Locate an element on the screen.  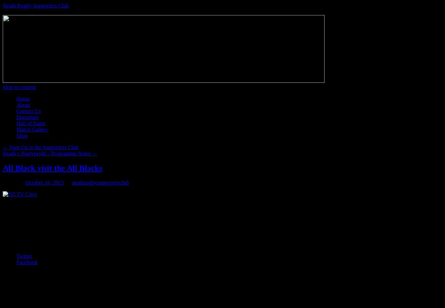
'Posted on' is located at coordinates (13, 182).